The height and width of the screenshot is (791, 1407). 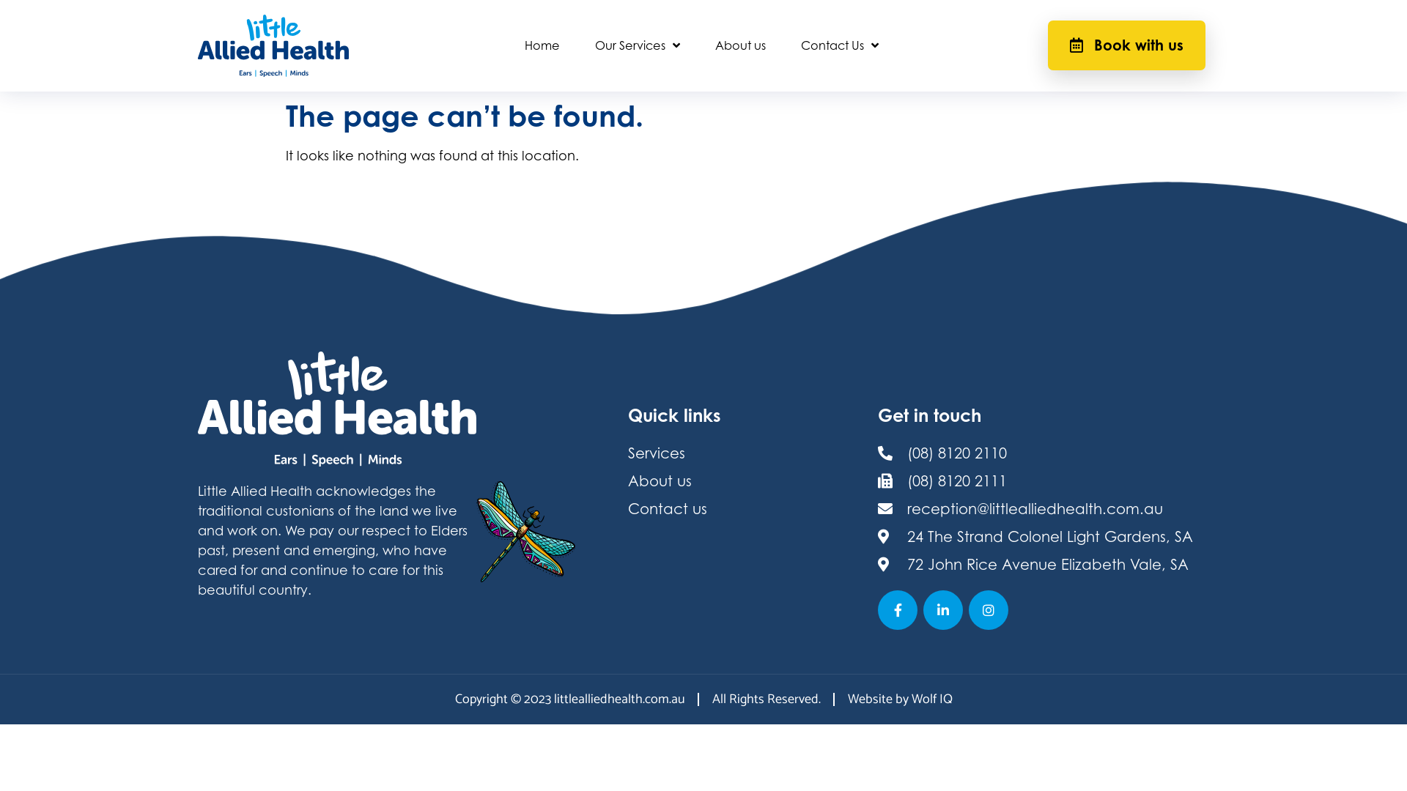 I want to click on 'Services', so click(x=628, y=452).